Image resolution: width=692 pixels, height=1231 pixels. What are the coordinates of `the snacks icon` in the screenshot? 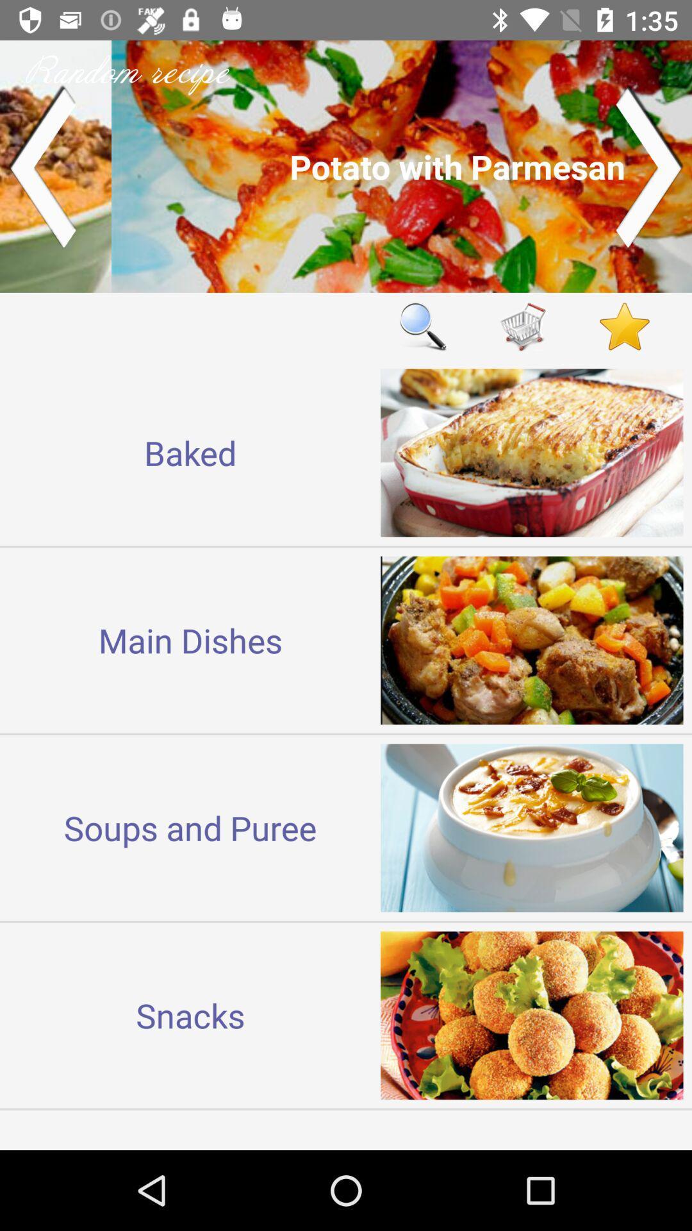 It's located at (190, 1014).